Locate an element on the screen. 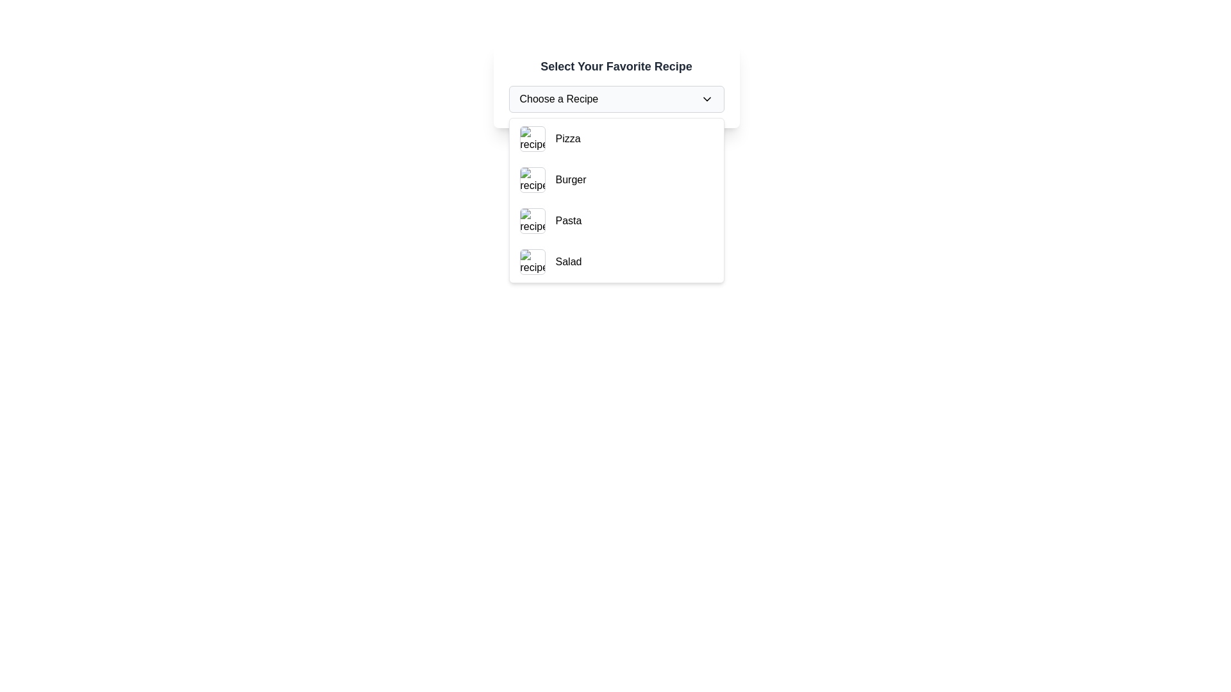  the 'Pizza' image icon in the dropdown menu under 'Choose a Recipe' to visually identify the selection is located at coordinates (532, 138).